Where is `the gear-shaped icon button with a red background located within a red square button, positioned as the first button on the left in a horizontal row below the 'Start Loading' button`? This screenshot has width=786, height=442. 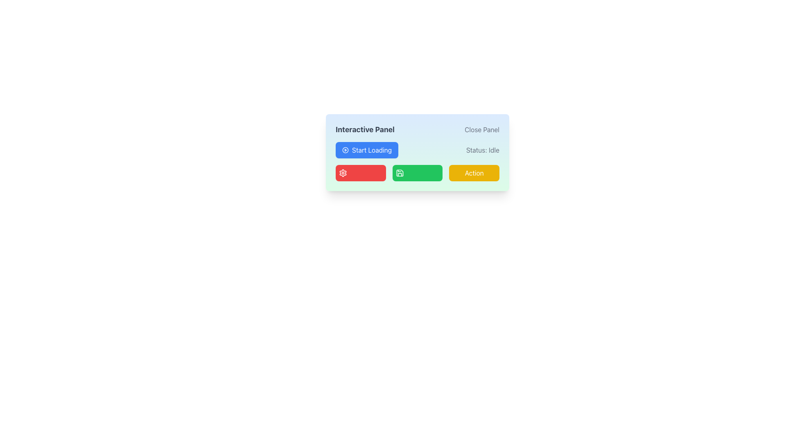
the gear-shaped icon button with a red background located within a red square button, positioned as the first button on the left in a horizontal row below the 'Start Loading' button is located at coordinates (343, 173).